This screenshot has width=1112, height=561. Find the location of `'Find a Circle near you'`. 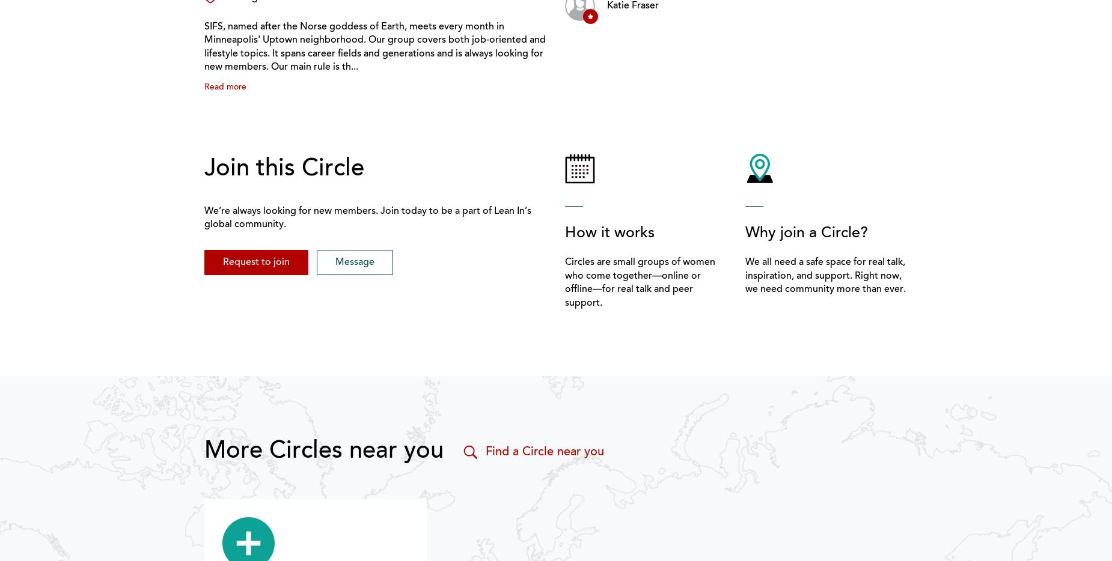

'Find a Circle near you' is located at coordinates (545, 451).